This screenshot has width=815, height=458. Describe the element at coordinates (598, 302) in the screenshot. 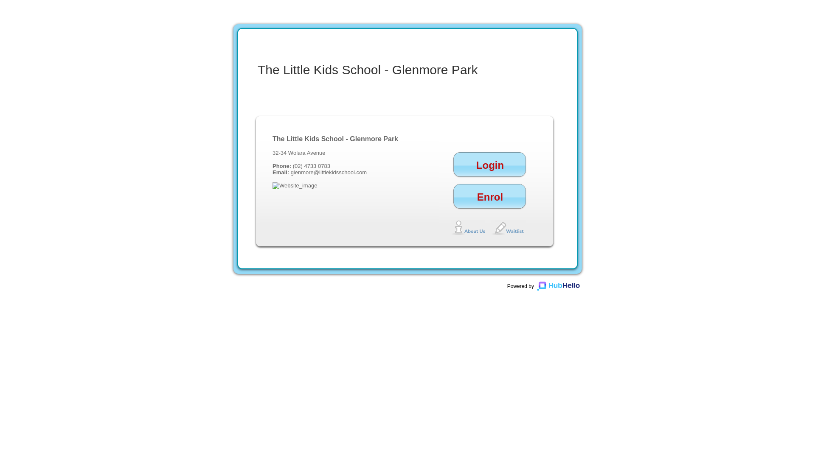

I see `'Back'` at that location.